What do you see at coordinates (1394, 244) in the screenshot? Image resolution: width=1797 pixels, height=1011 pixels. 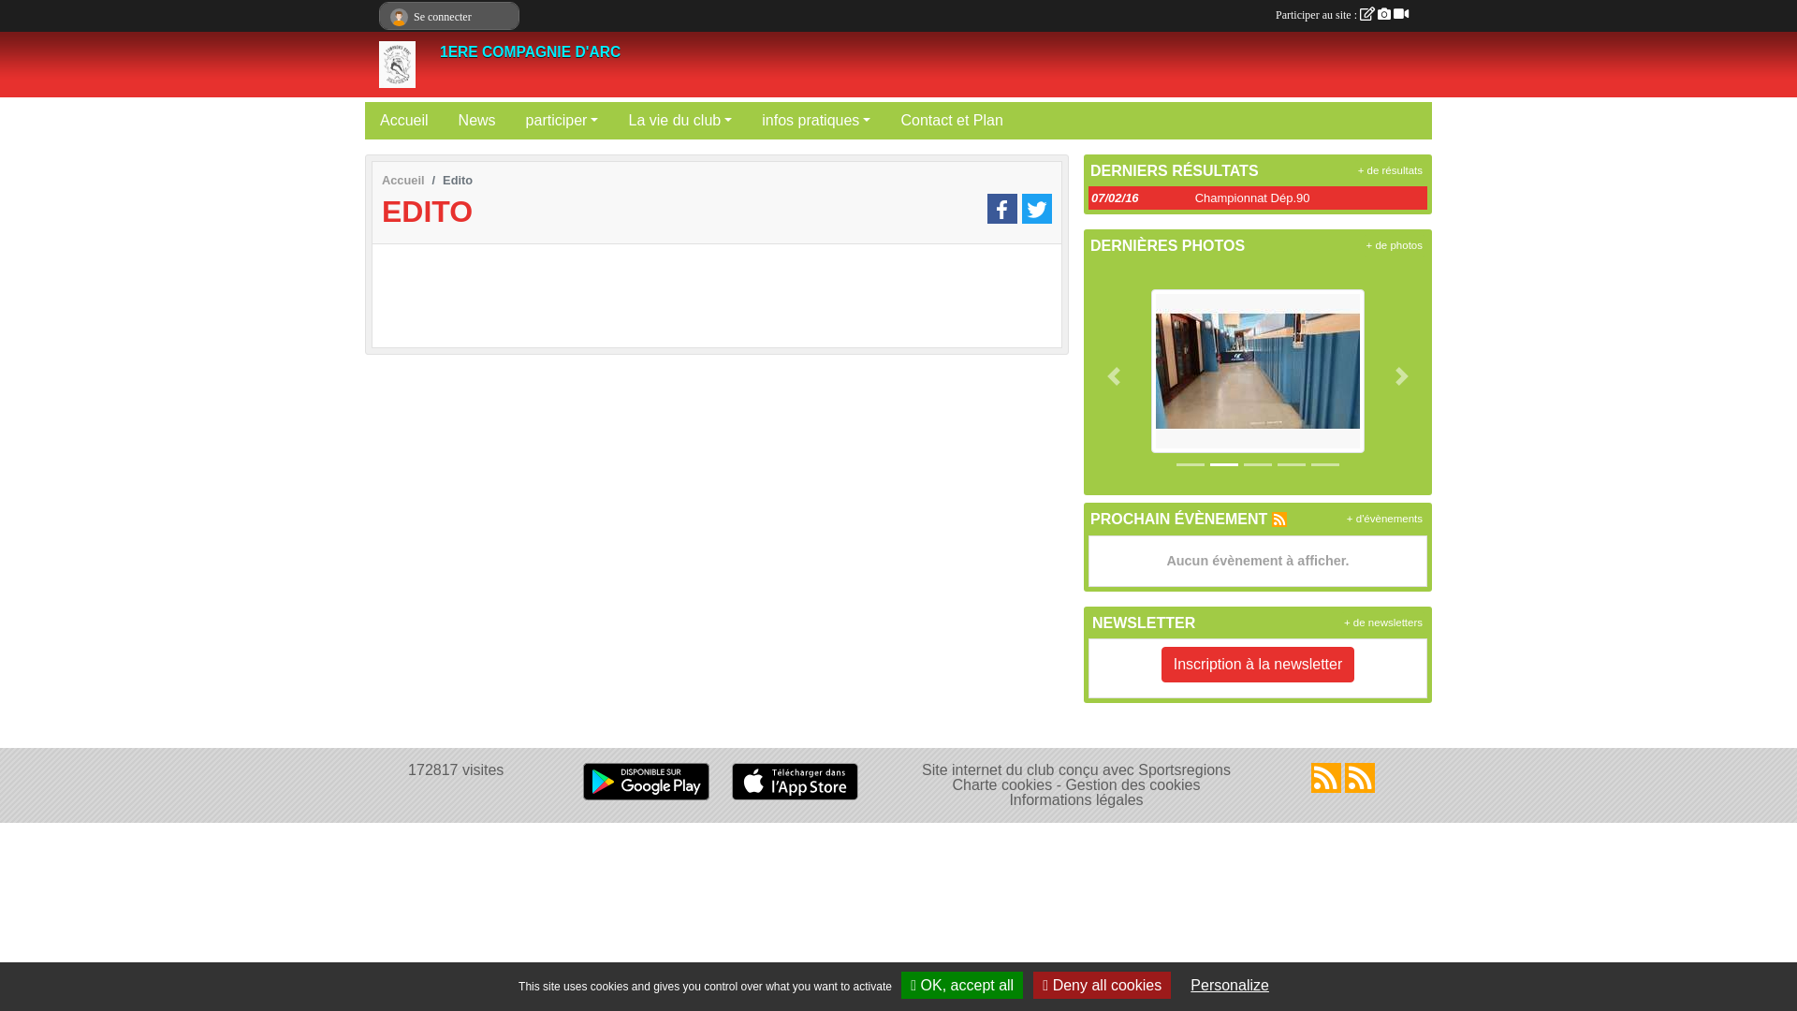 I see `'+ de photos'` at bounding box center [1394, 244].